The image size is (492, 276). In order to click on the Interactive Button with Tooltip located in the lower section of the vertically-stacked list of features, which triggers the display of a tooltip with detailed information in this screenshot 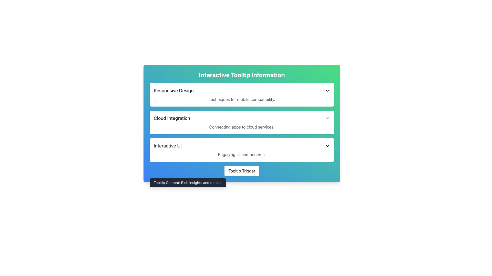, I will do `click(242, 171)`.